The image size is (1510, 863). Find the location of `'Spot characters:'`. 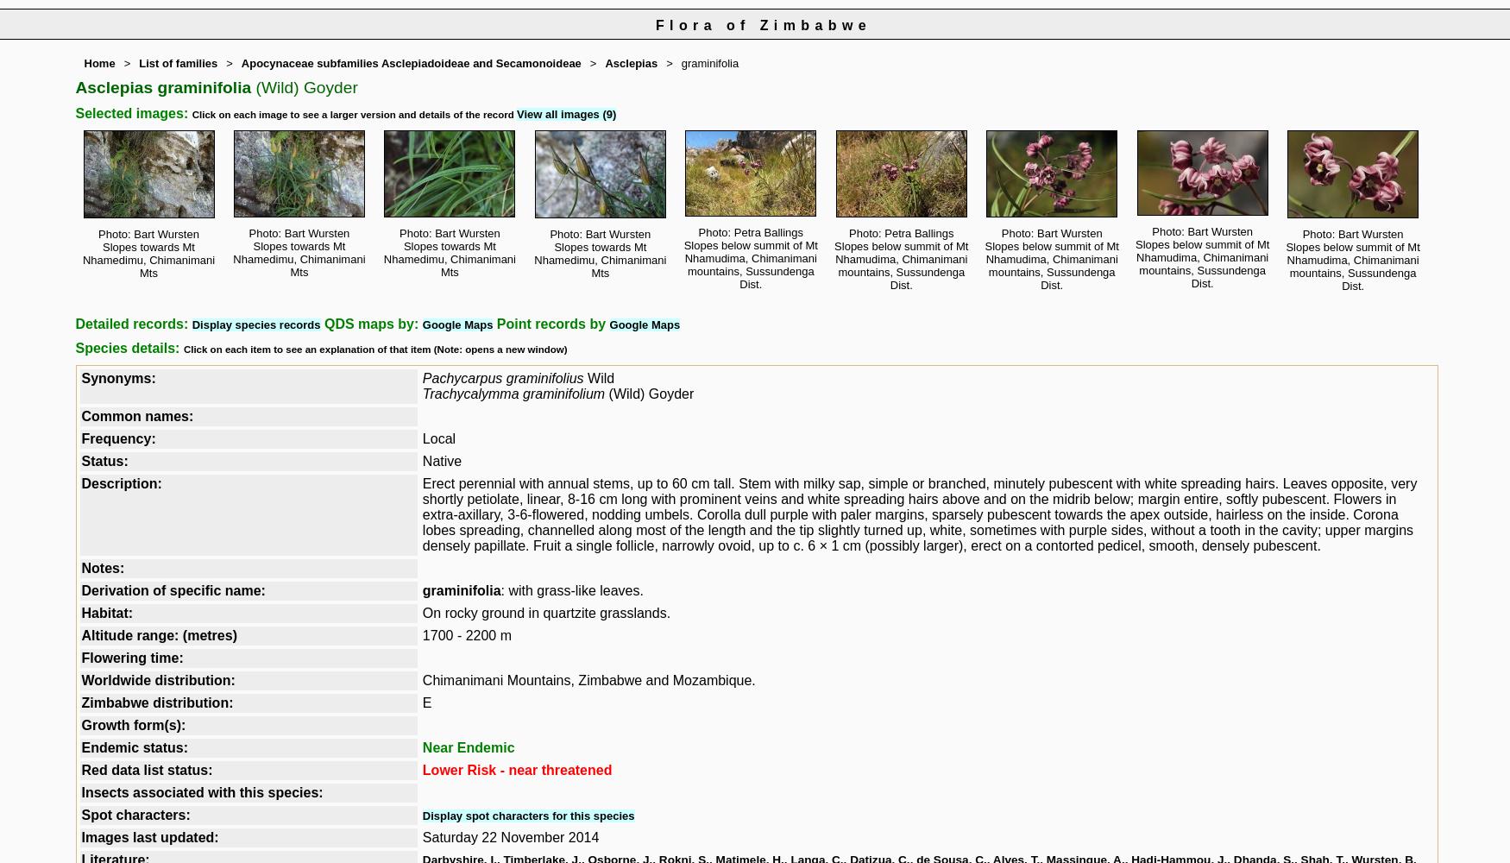

'Spot characters:' is located at coordinates (80, 814).